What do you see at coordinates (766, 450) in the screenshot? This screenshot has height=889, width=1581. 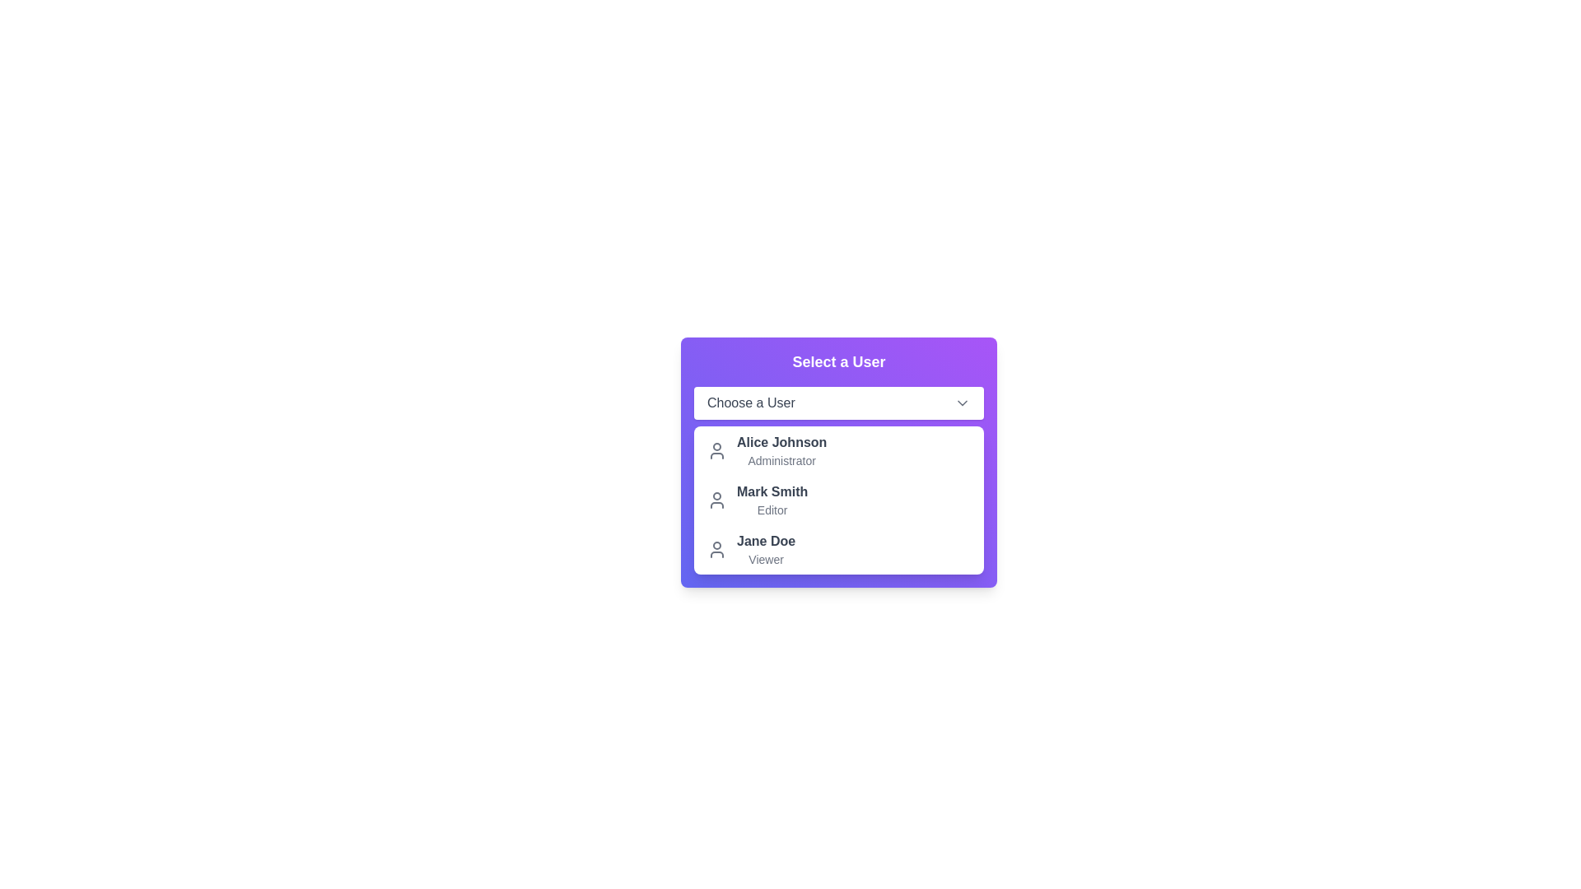 I see `the first list item in the dropdown menu that displays the name and role of a user` at bounding box center [766, 450].